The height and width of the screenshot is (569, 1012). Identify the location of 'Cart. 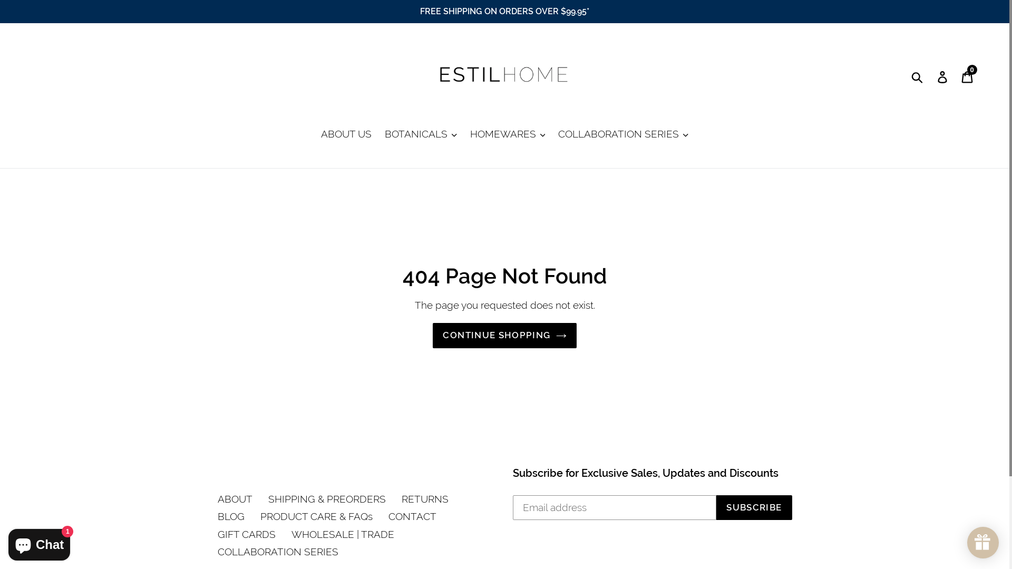
(968, 75).